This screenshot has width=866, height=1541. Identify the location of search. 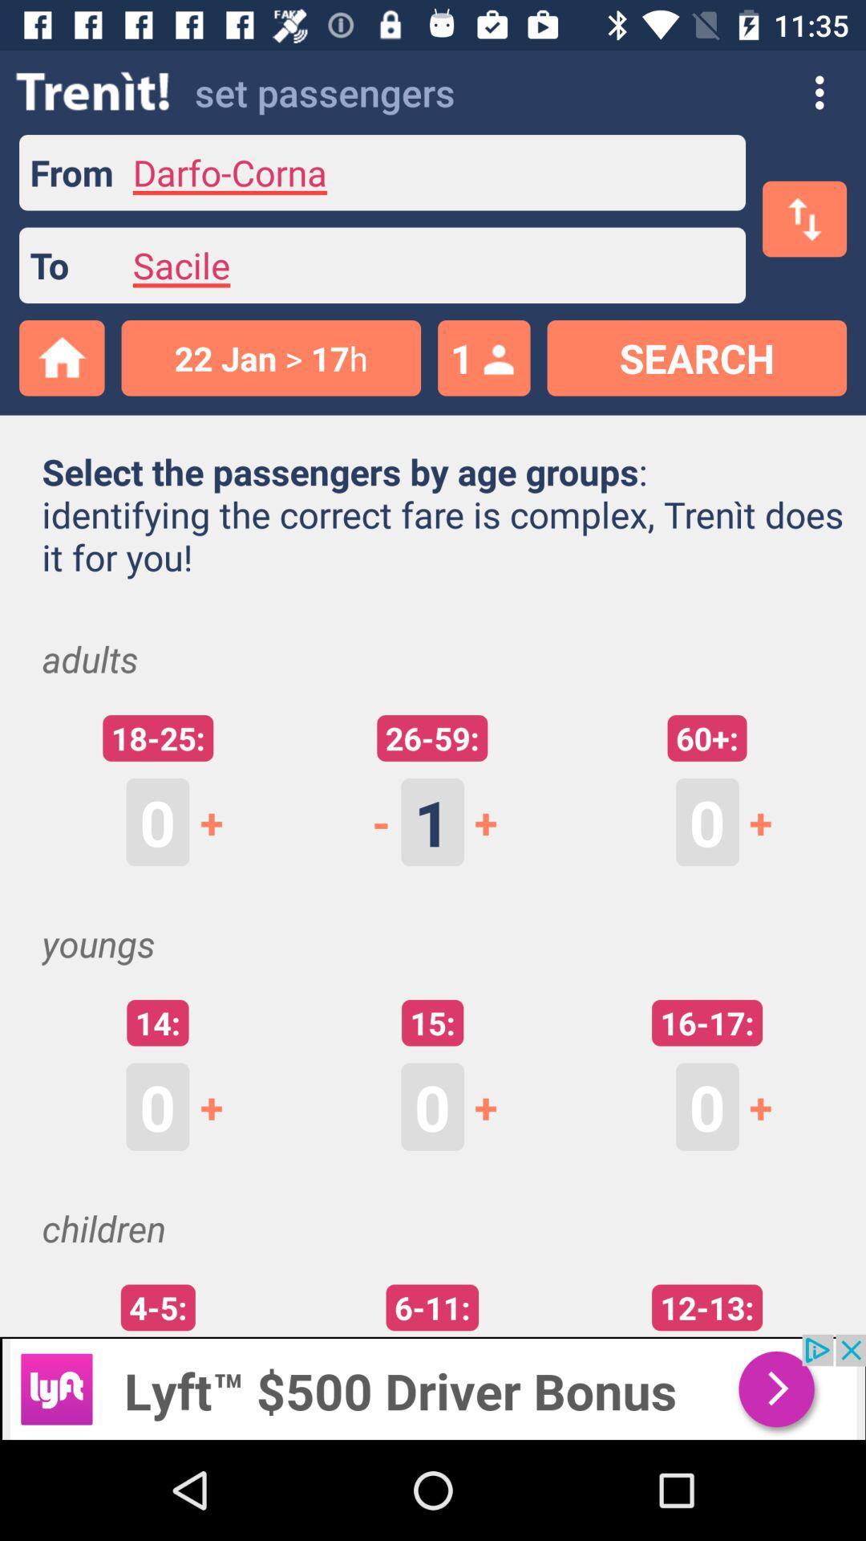
(696, 357).